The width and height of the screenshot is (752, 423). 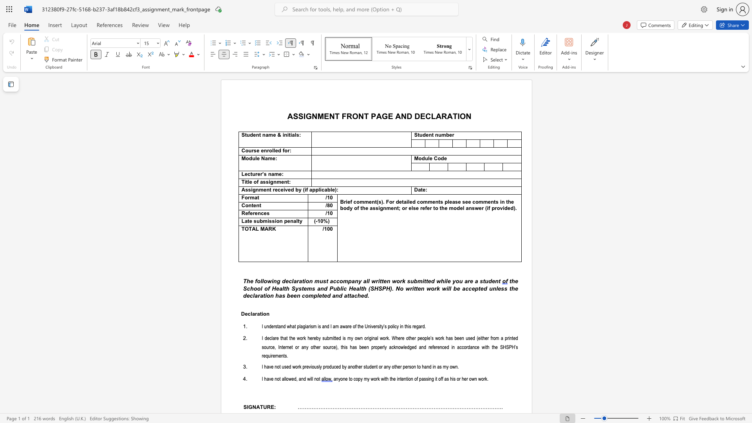 What do you see at coordinates (296, 221) in the screenshot?
I see `the subset text "lty" within the text "Late submission penalty"` at bounding box center [296, 221].